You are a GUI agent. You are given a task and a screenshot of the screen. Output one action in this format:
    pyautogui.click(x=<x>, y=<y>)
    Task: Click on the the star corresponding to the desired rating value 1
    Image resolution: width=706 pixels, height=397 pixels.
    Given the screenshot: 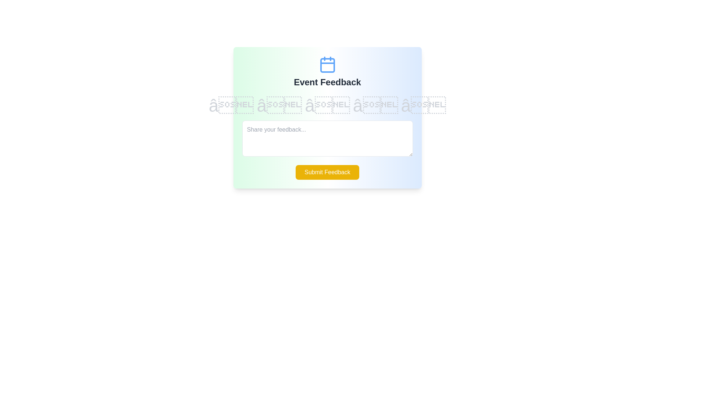 What is the action you would take?
    pyautogui.click(x=231, y=106)
    